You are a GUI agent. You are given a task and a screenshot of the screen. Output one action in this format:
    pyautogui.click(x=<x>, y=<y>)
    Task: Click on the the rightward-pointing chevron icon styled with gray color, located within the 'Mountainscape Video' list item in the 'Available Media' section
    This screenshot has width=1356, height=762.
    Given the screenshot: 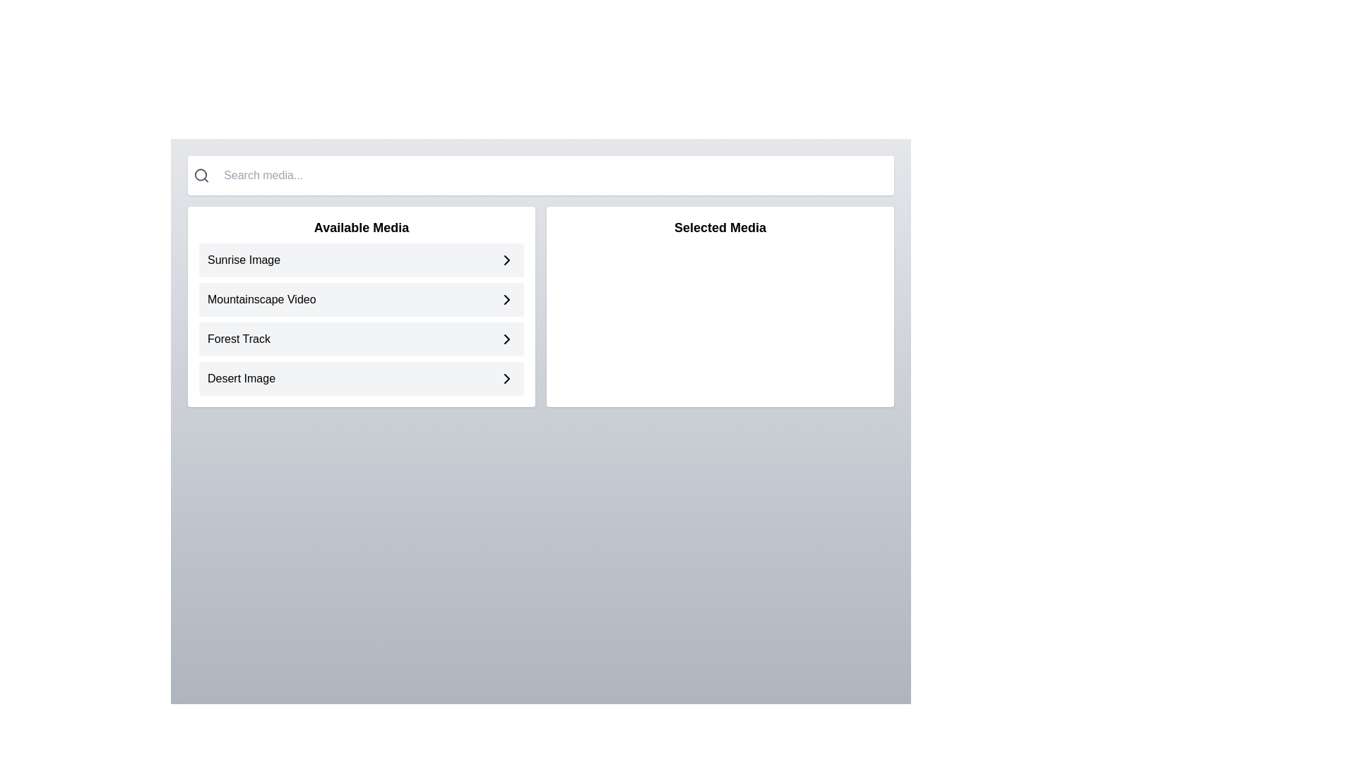 What is the action you would take?
    pyautogui.click(x=507, y=298)
    